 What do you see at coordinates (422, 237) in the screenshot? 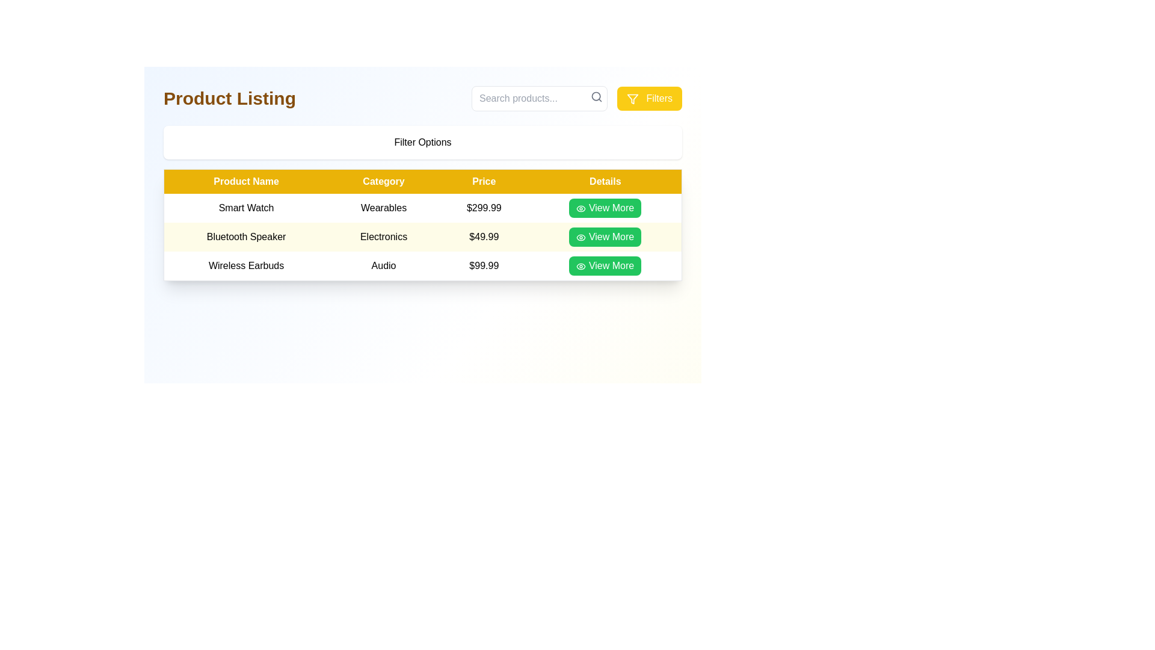
I see `the second table row displaying details about the product 'Bluetooth Speaker', which includes its category 'Electronics', price '$49.99', and a button for more details, to trigger a hover effect` at bounding box center [422, 237].